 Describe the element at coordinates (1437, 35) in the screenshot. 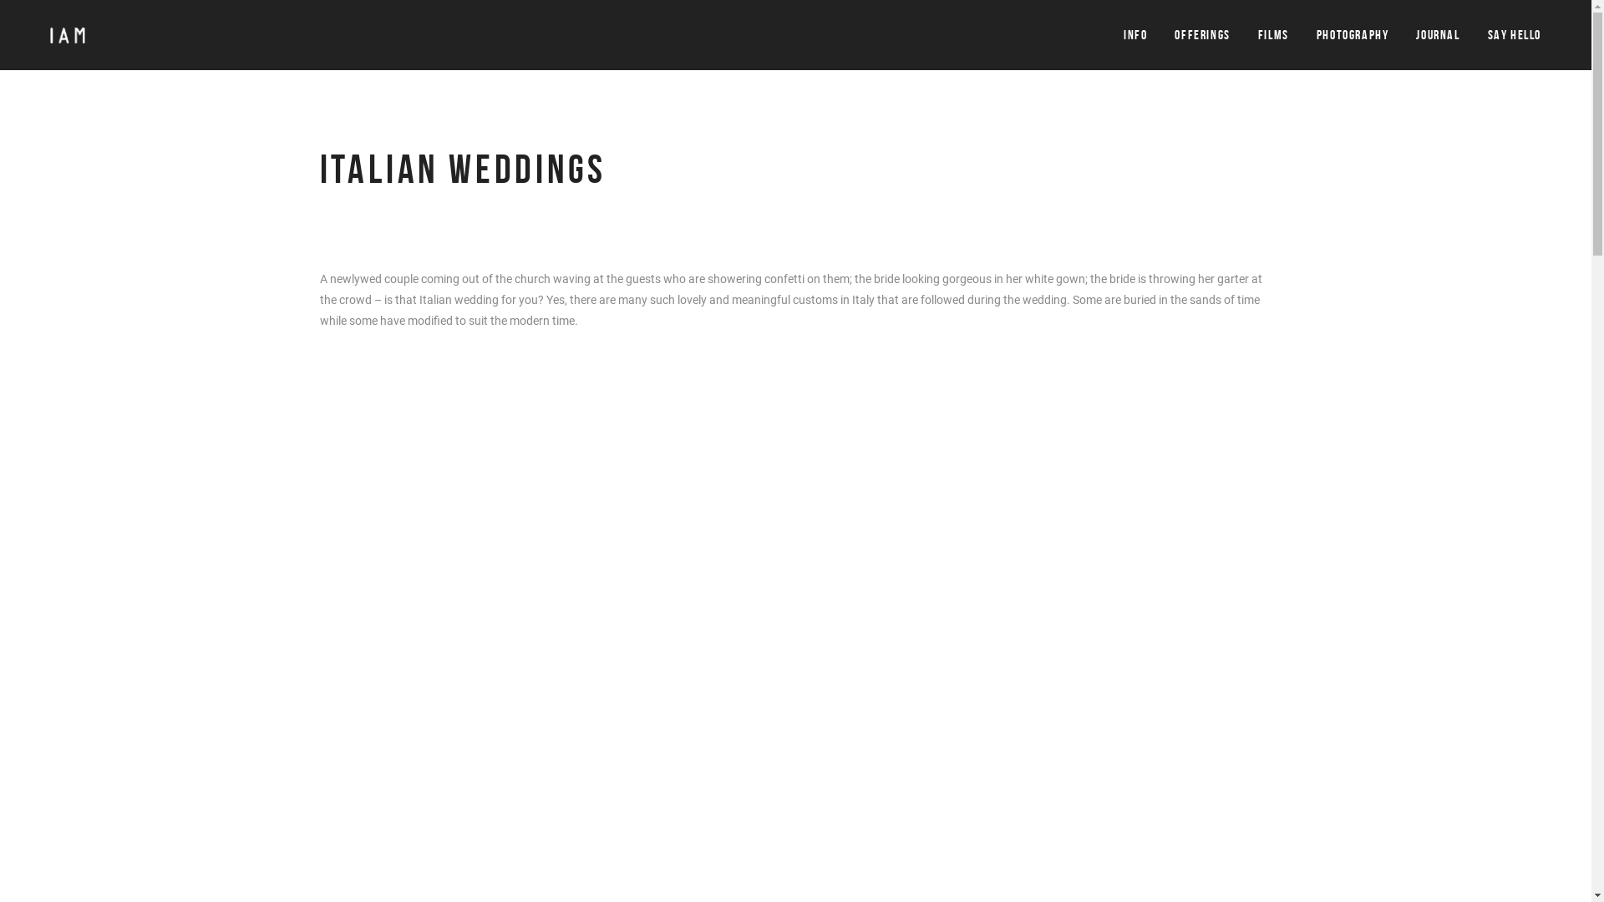

I see `'JOURNAL'` at that location.